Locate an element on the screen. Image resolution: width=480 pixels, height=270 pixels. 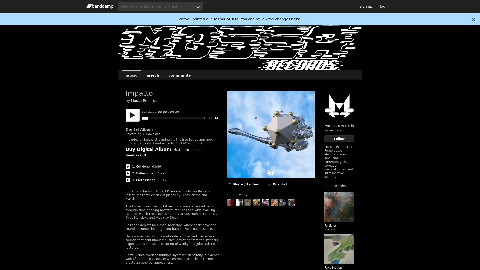
Previous track is located at coordinates (209, 118).